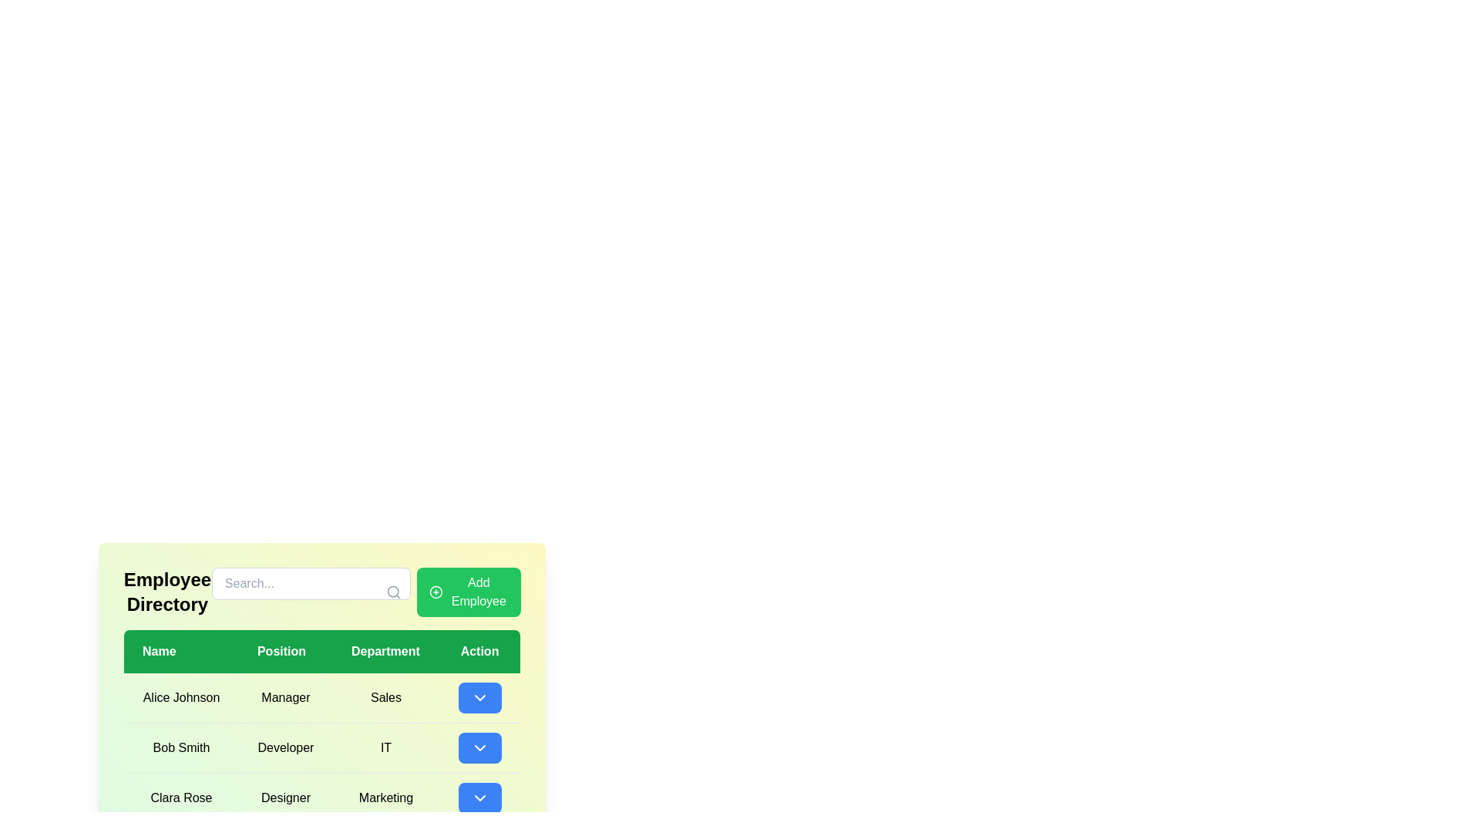 The width and height of the screenshot is (1480, 833). What do you see at coordinates (479, 798) in the screenshot?
I see `the button located in the last row of the table's Action column to interact via keyboard` at bounding box center [479, 798].